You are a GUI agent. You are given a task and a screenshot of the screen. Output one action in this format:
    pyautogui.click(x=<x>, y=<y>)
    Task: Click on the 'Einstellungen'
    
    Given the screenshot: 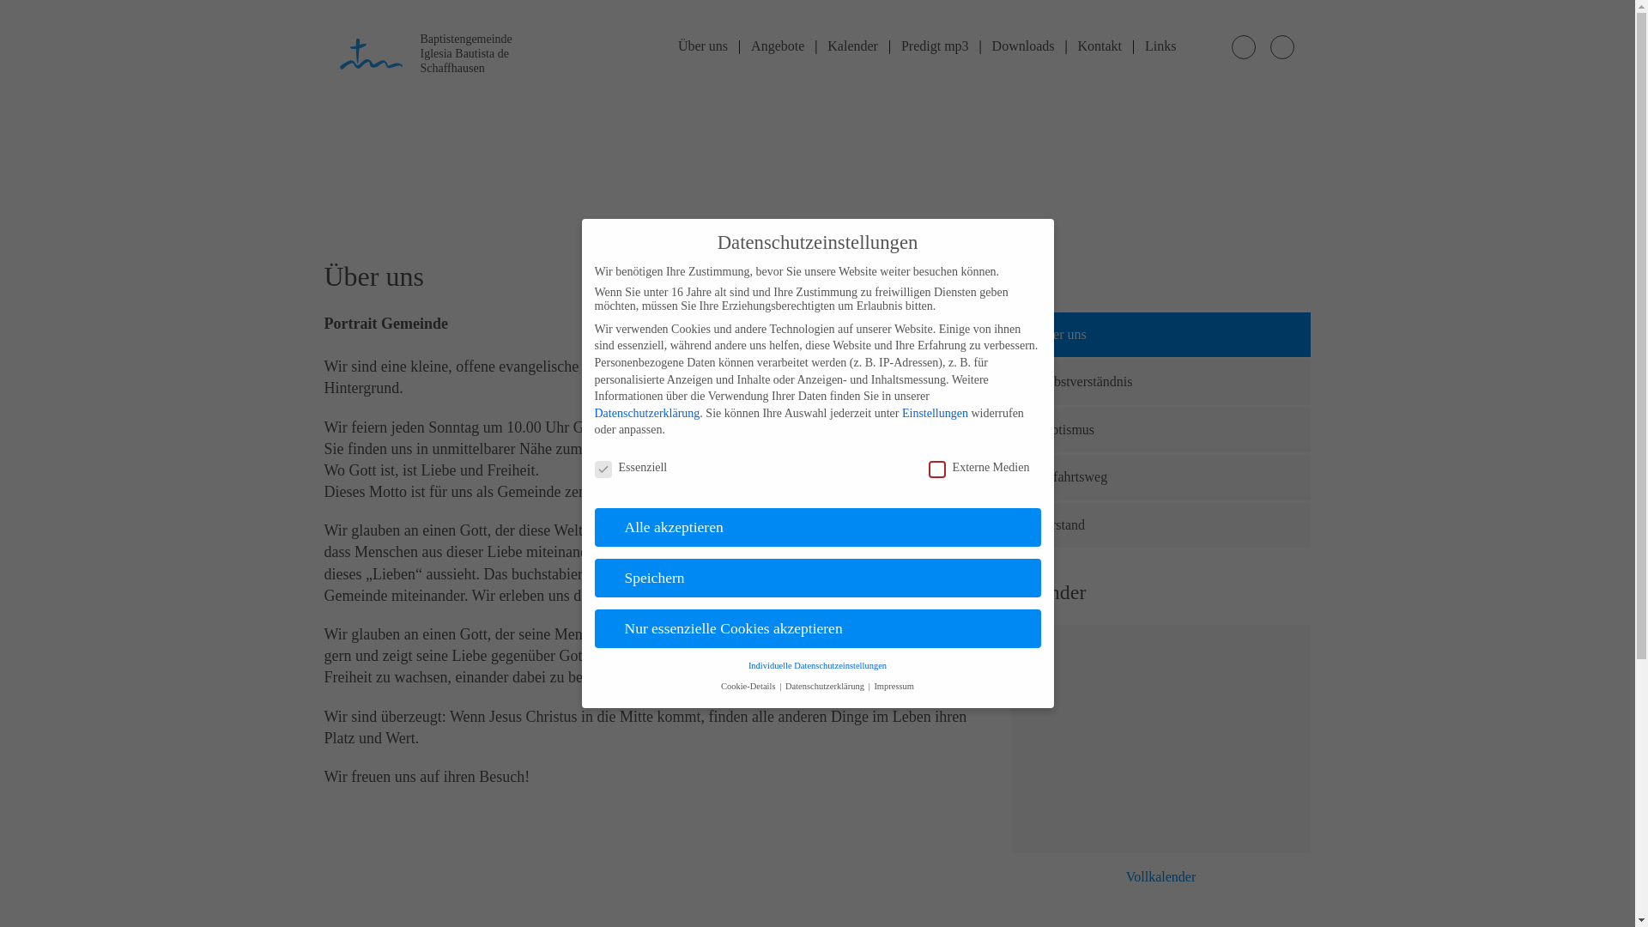 What is the action you would take?
    pyautogui.click(x=934, y=413)
    